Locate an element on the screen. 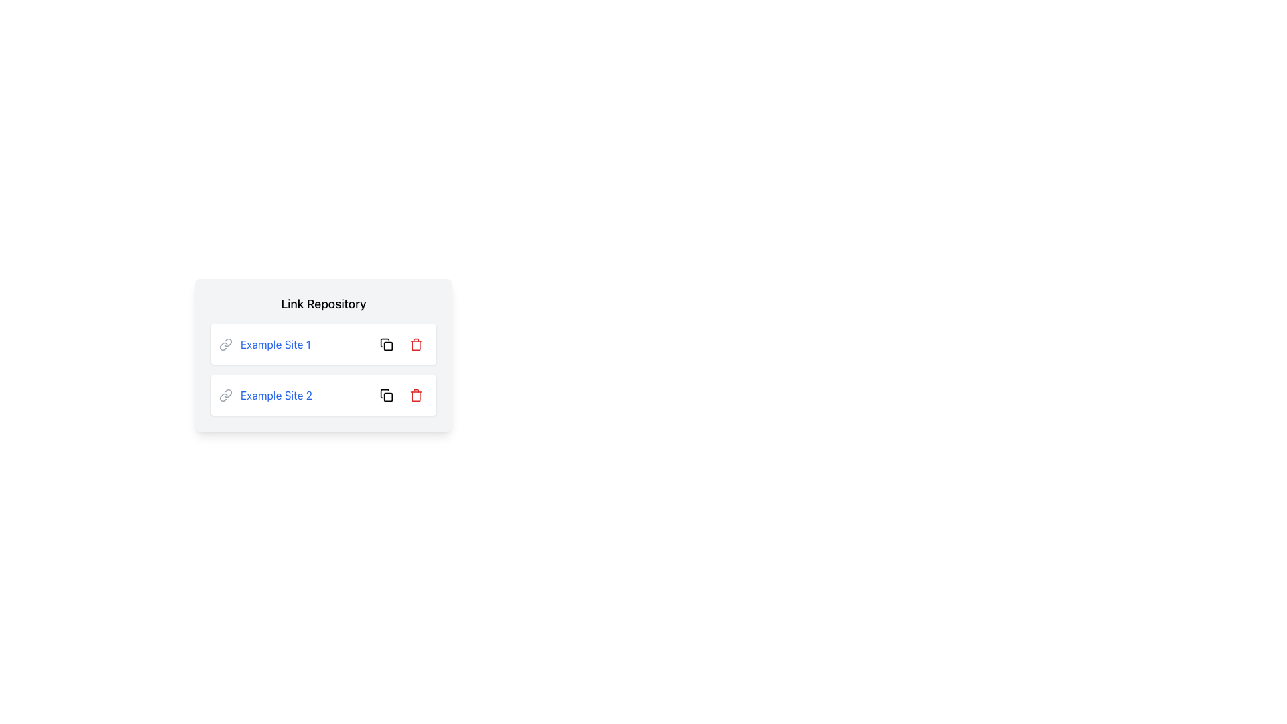 This screenshot has width=1287, height=724. the header text label 'Link Repository' which is styled in bold and serves as the title of the panel containing links is located at coordinates (324, 304).